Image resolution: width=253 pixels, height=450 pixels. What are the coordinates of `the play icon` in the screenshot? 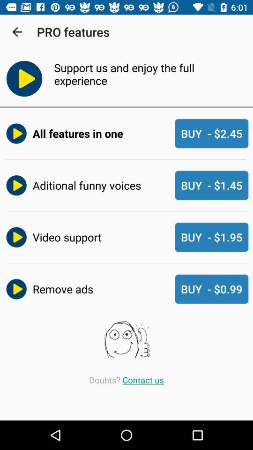 It's located at (14, 185).